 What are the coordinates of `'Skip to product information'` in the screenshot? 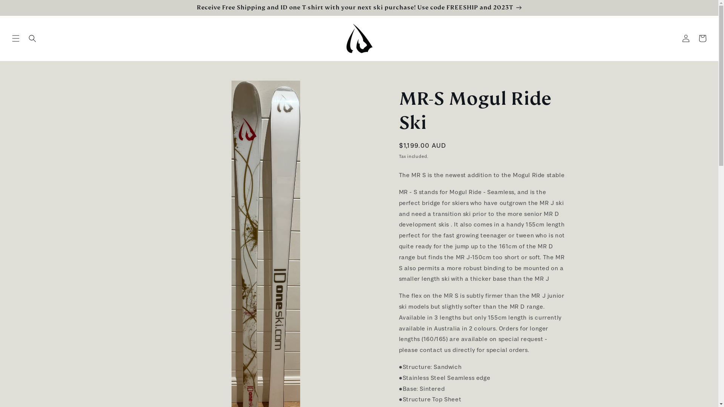 It's located at (174, 89).